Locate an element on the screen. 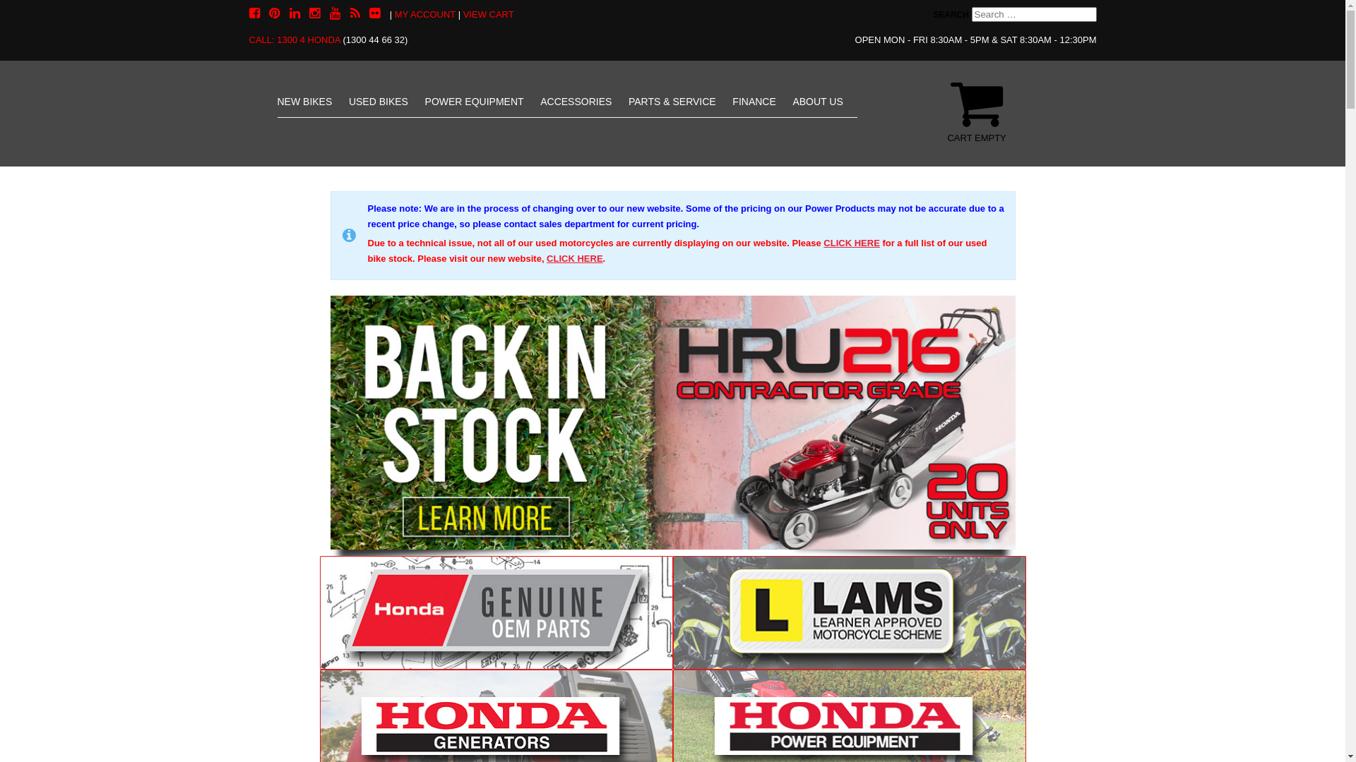  'ABOUT US' is located at coordinates (817, 100).